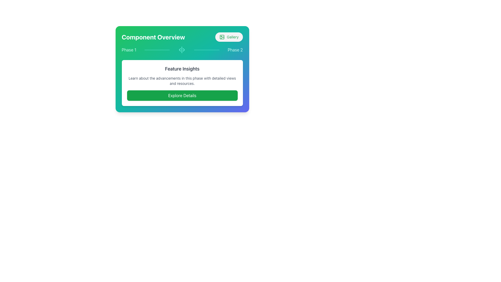  Describe the element at coordinates (180, 50) in the screenshot. I see `the middle arrow icon in the navigation system, positioned between a left vertical line and a right-pointing triangular shape` at that location.